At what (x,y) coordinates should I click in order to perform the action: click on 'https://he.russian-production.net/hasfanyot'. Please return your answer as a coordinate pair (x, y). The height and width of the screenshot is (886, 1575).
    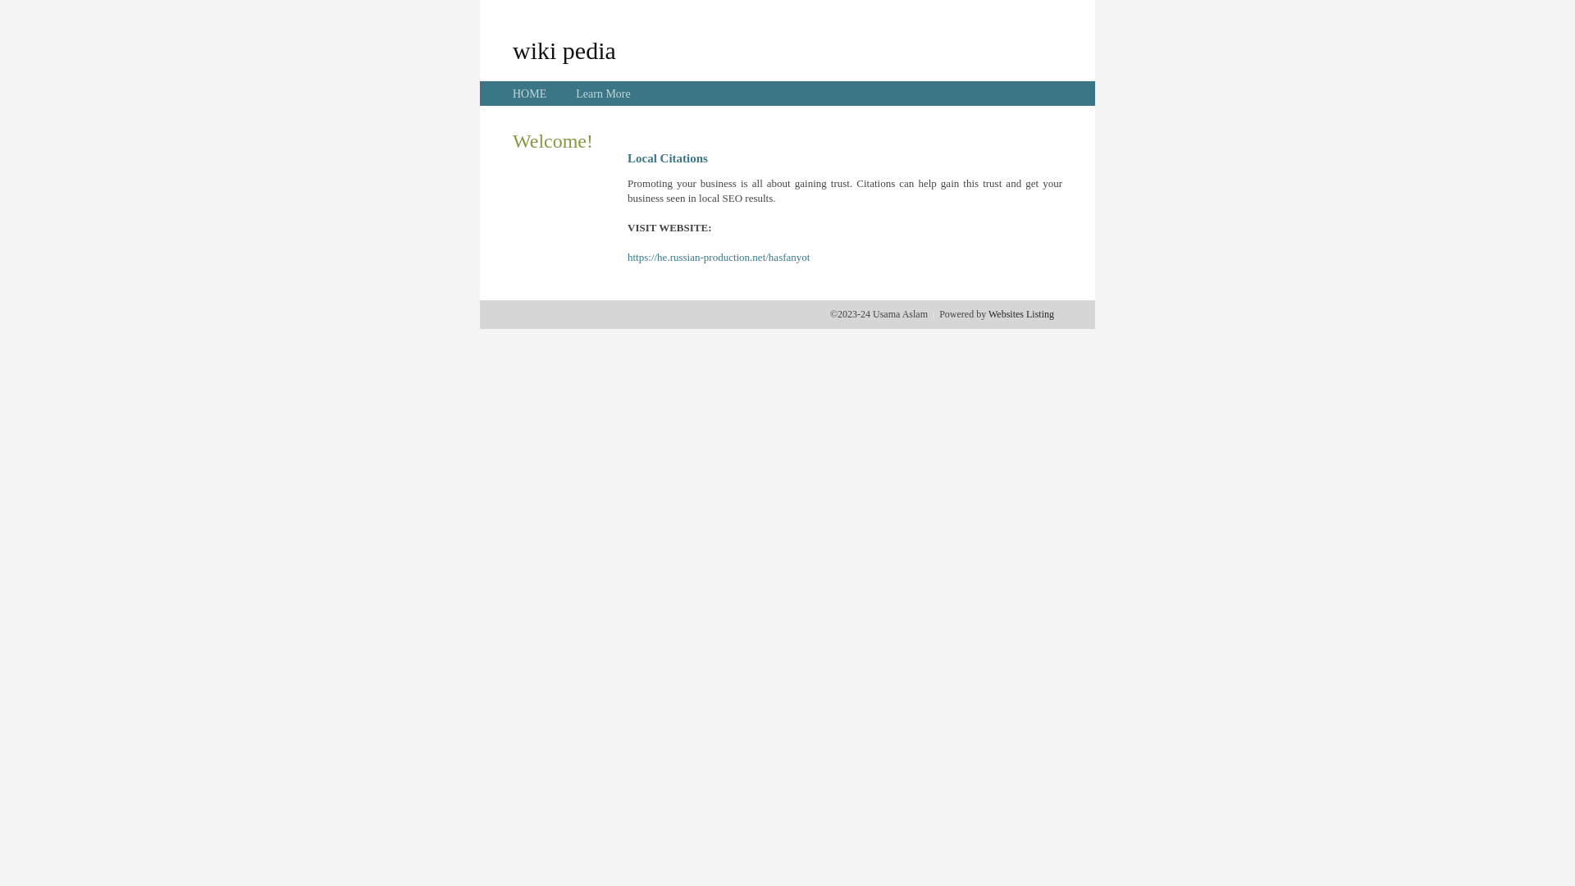
    Looking at the image, I should click on (626, 257).